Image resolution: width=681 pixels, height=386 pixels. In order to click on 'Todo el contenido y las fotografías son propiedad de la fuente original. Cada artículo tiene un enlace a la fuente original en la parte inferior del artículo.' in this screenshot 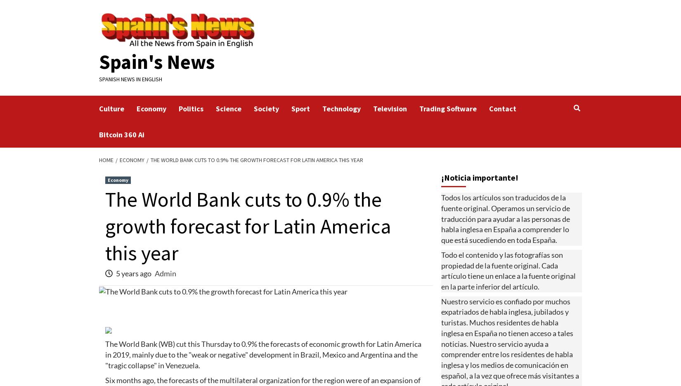, I will do `click(508, 270)`.